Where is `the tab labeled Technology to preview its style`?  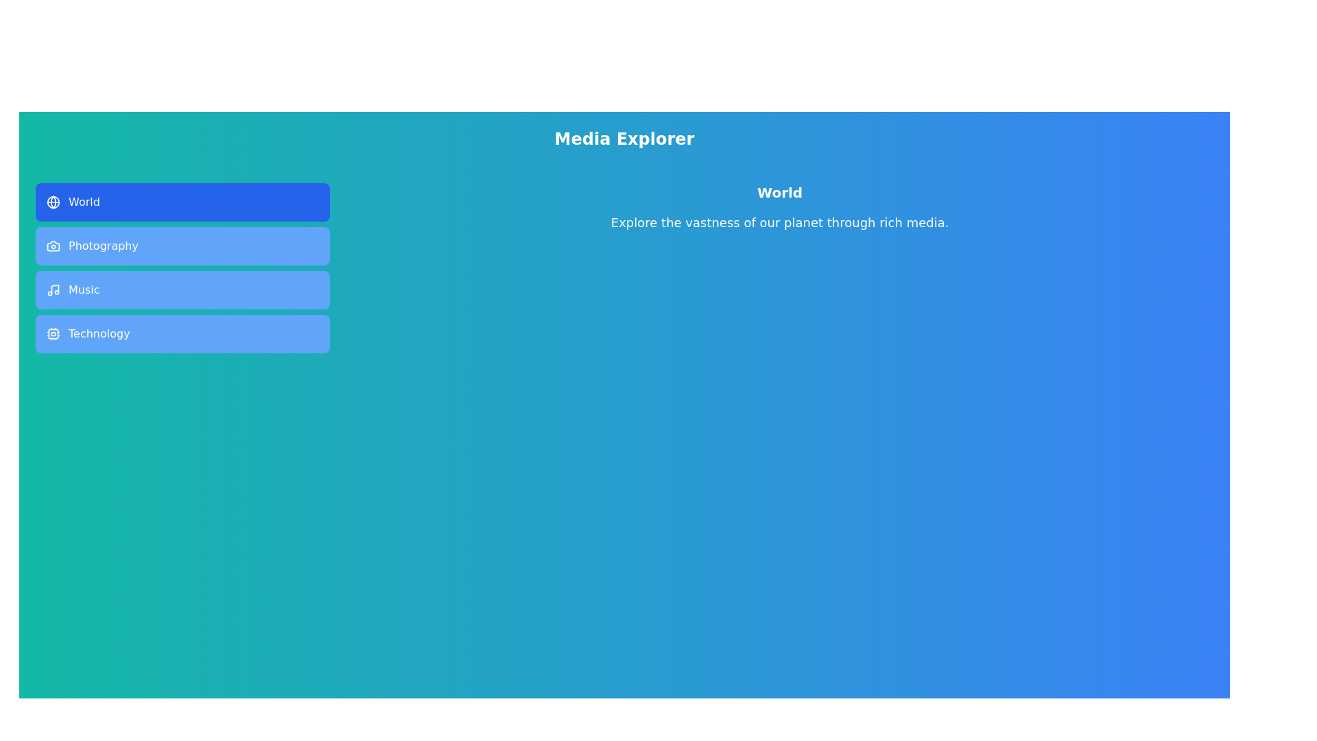 the tab labeled Technology to preview its style is located at coordinates (182, 333).